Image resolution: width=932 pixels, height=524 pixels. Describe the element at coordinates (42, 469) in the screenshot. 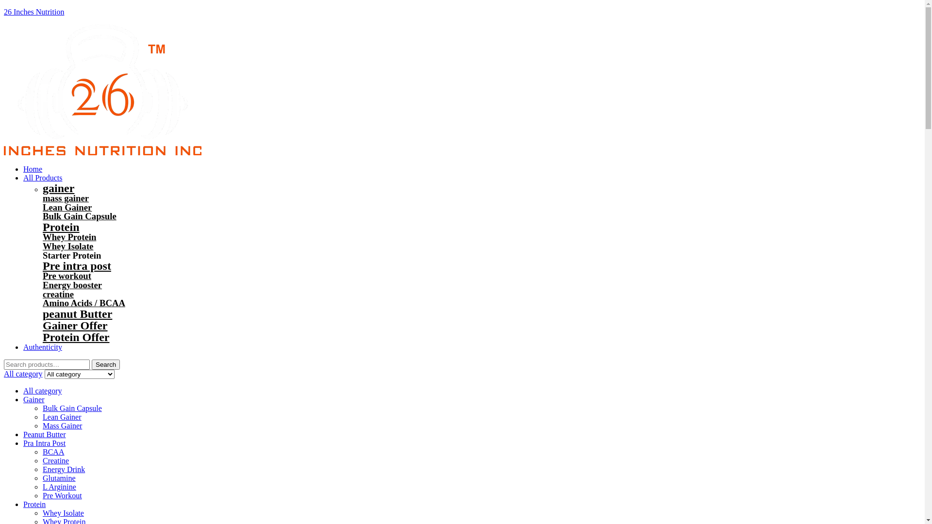

I see `'Energy Drink'` at that location.